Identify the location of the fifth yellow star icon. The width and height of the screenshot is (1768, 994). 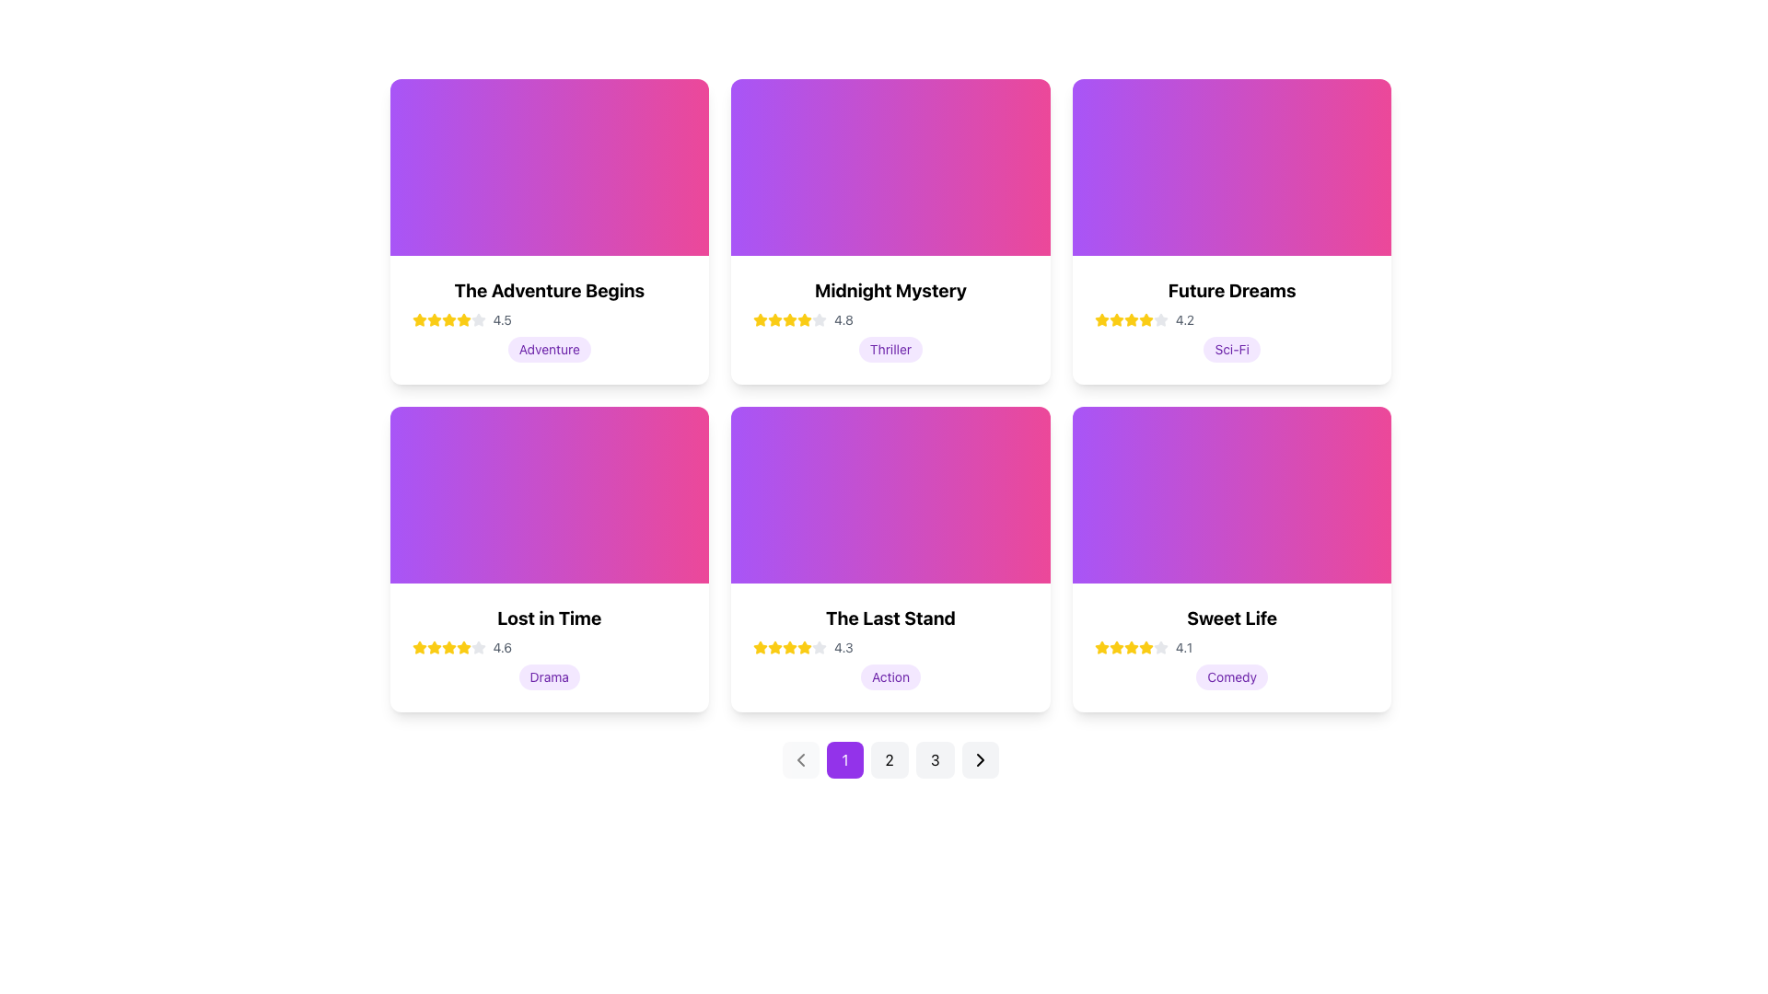
(463, 647).